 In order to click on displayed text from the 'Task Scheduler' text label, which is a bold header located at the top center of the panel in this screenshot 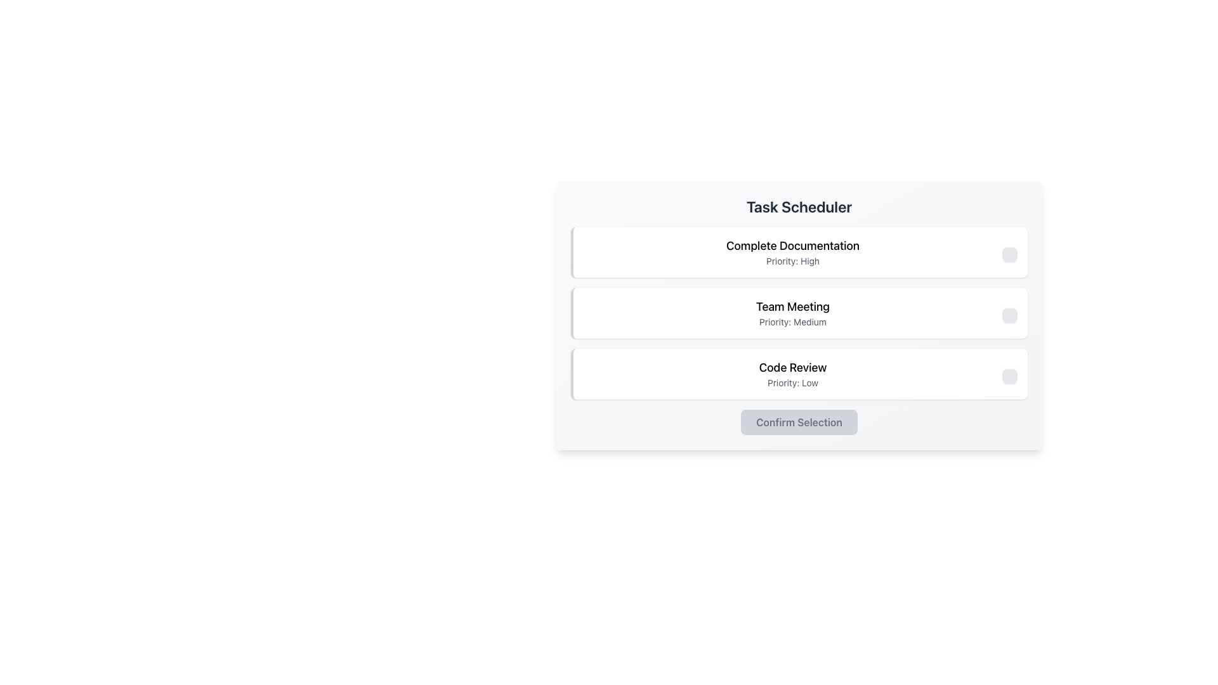, I will do `click(798, 206)`.